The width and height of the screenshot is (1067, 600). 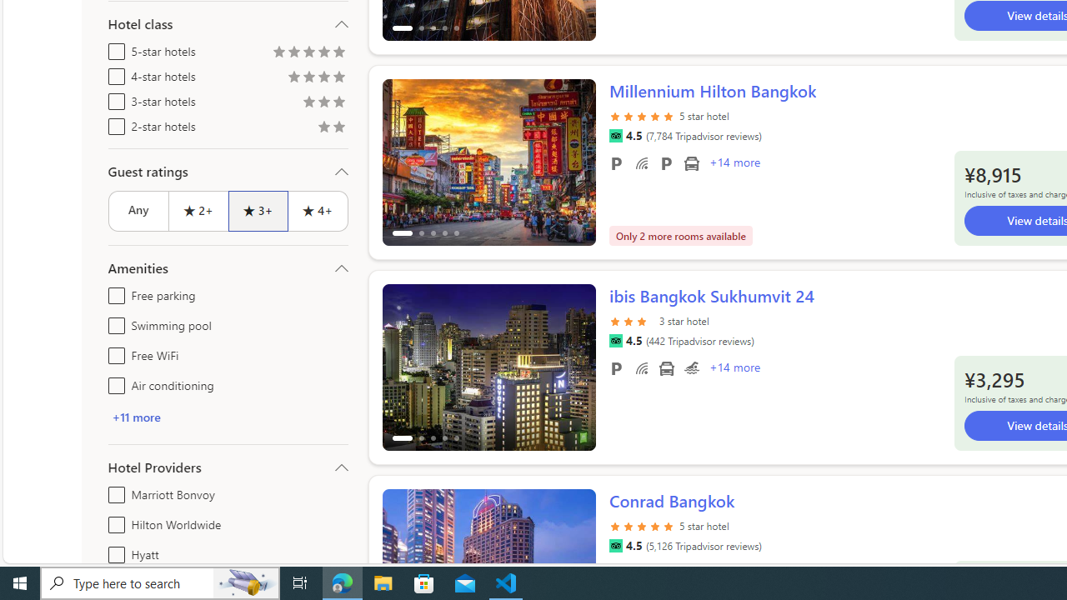 I want to click on 'Free parking', so click(x=113, y=292).